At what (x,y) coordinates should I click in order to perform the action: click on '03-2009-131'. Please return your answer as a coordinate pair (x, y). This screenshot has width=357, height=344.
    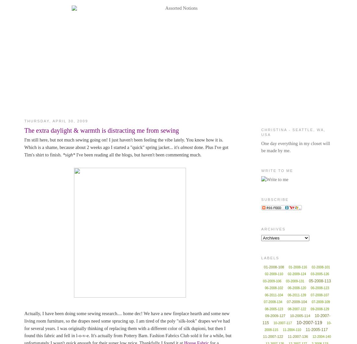
    Looking at the image, I should click on (295, 281).